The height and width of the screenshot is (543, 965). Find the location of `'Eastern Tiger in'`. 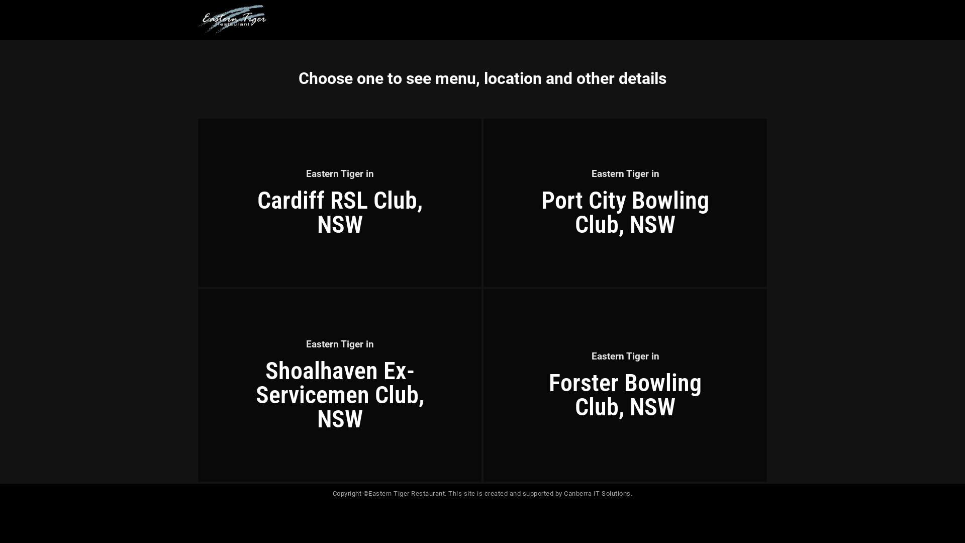

'Eastern Tiger in' is located at coordinates (339, 173).